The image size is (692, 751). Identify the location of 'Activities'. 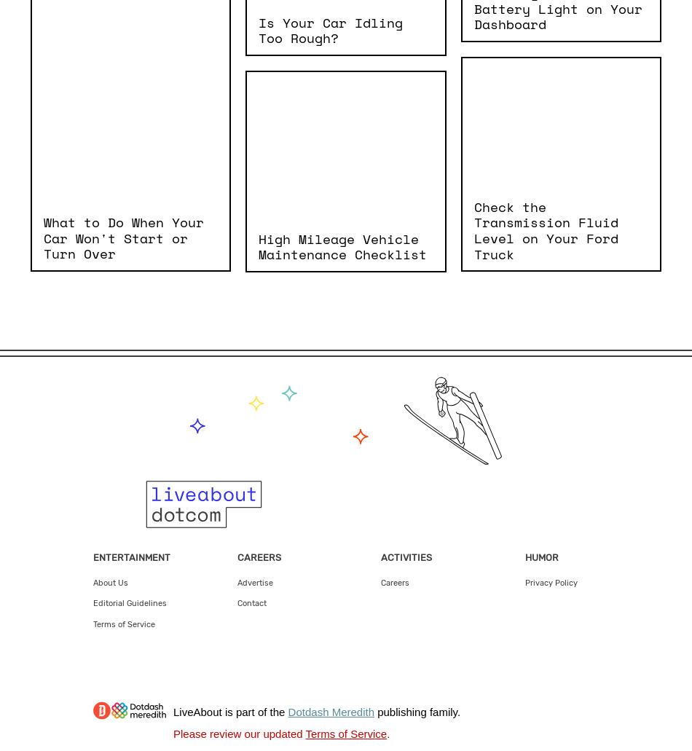
(406, 556).